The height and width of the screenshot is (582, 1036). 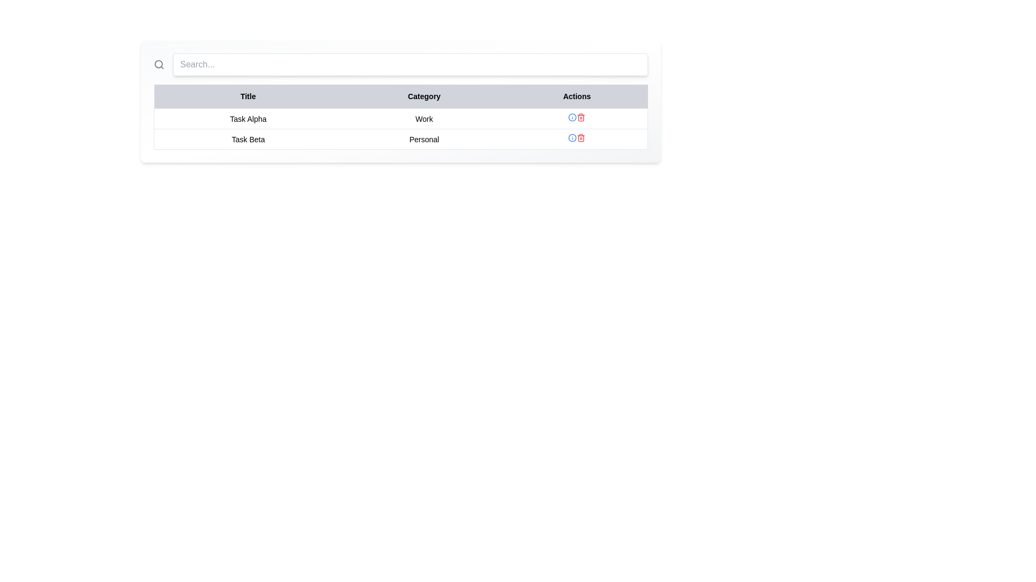 What do you see at coordinates (248, 119) in the screenshot?
I see `the Text label displaying 'Task Alpha' in the first row and first column of the grid view` at bounding box center [248, 119].